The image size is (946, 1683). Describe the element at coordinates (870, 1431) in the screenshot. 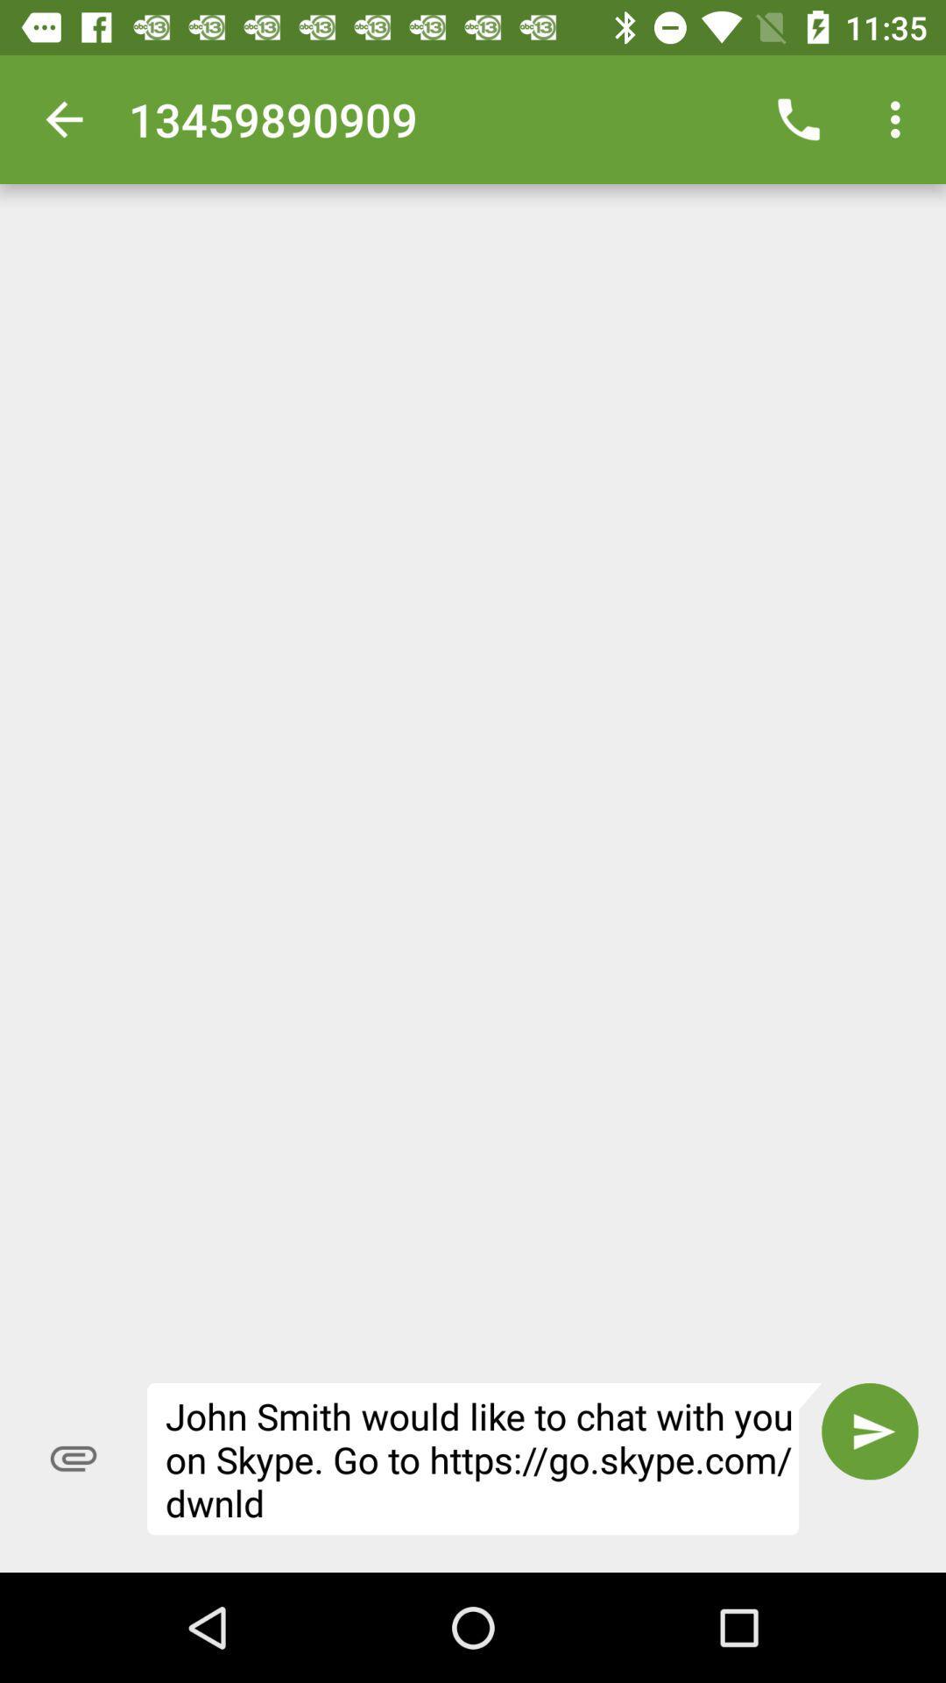

I see `the item to the right of the john smith would` at that location.